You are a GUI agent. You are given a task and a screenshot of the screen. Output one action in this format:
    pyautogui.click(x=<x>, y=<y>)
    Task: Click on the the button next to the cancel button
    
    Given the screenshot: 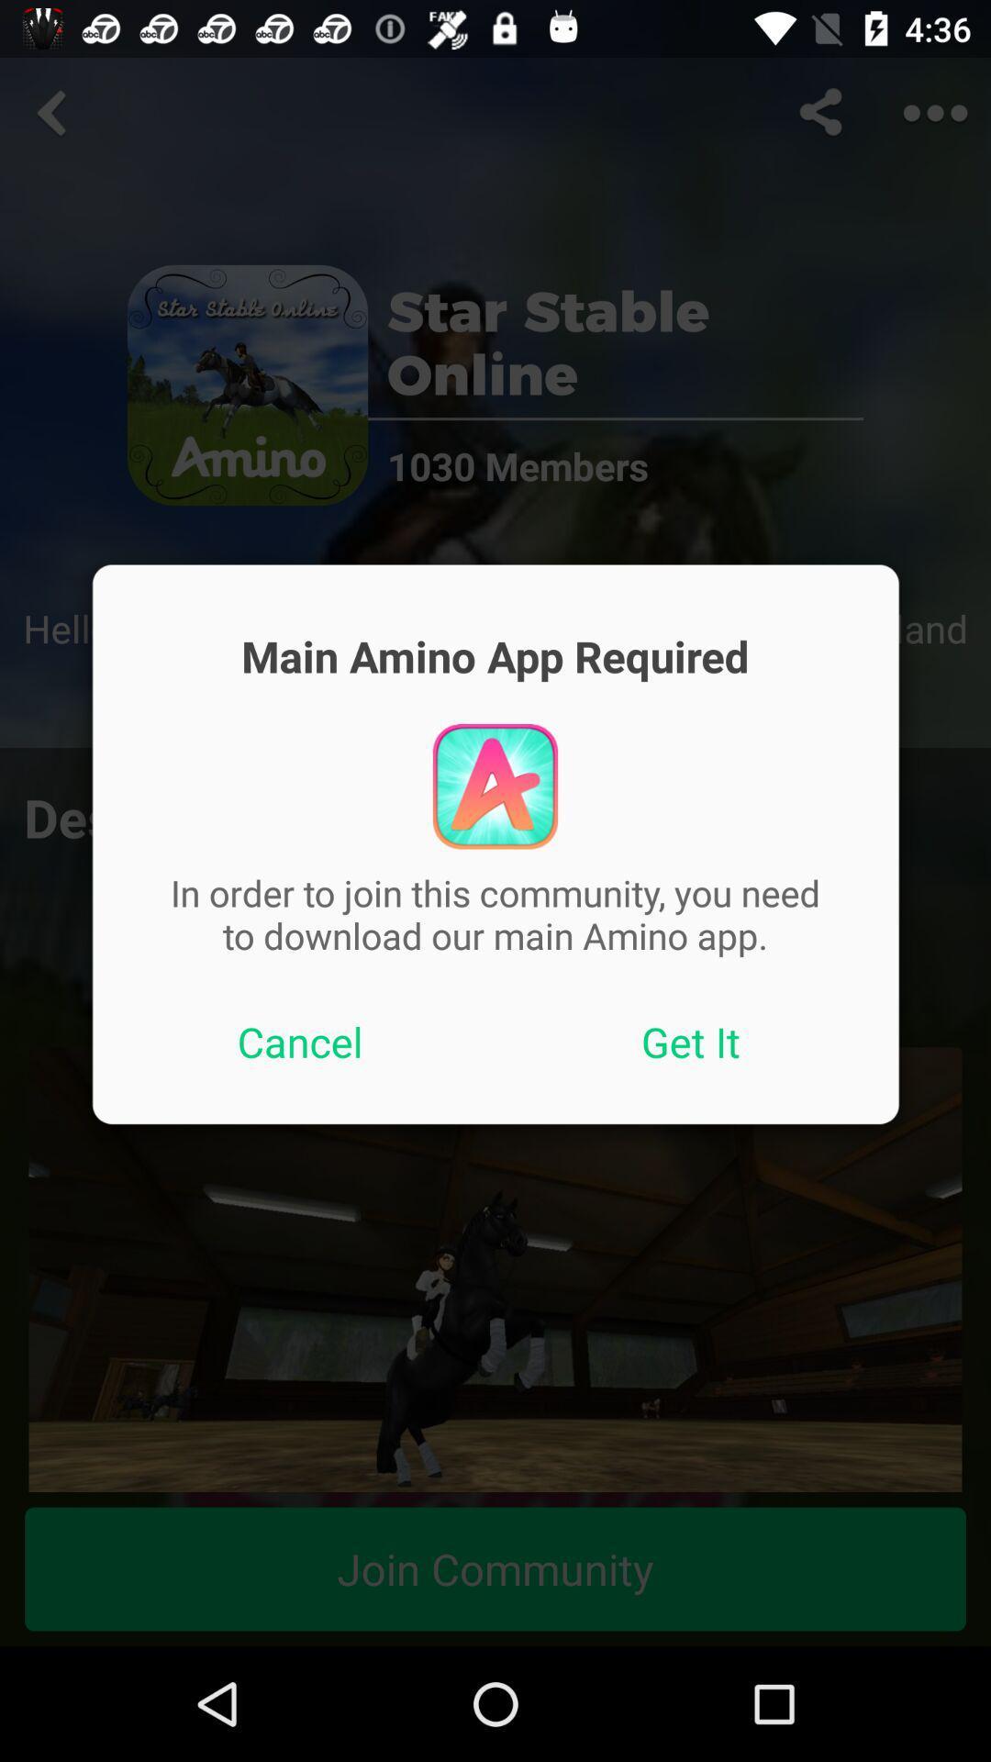 What is the action you would take?
    pyautogui.click(x=691, y=1042)
    